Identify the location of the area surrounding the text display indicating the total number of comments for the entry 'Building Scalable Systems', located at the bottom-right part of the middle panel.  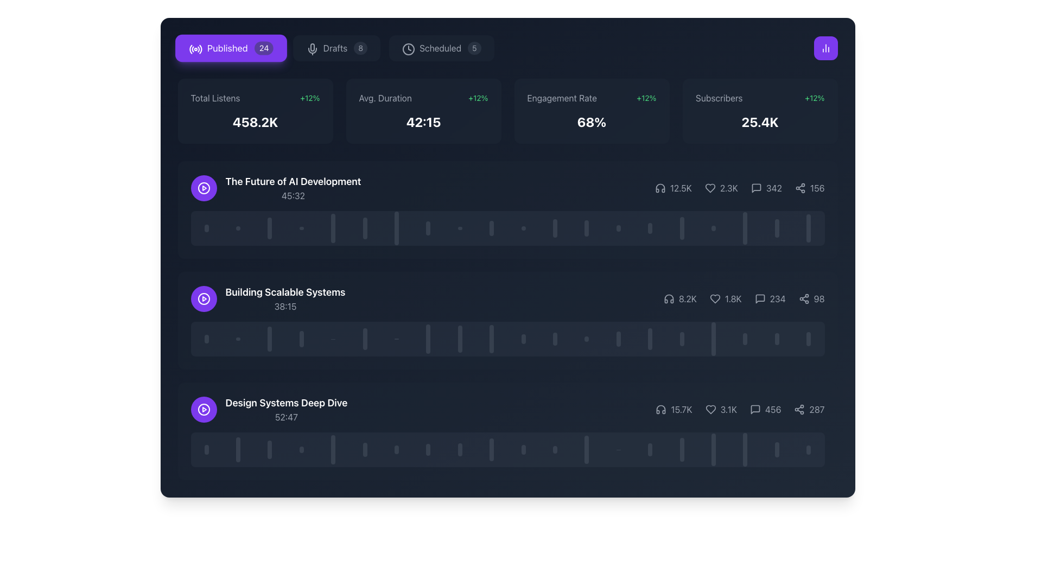
(777, 299).